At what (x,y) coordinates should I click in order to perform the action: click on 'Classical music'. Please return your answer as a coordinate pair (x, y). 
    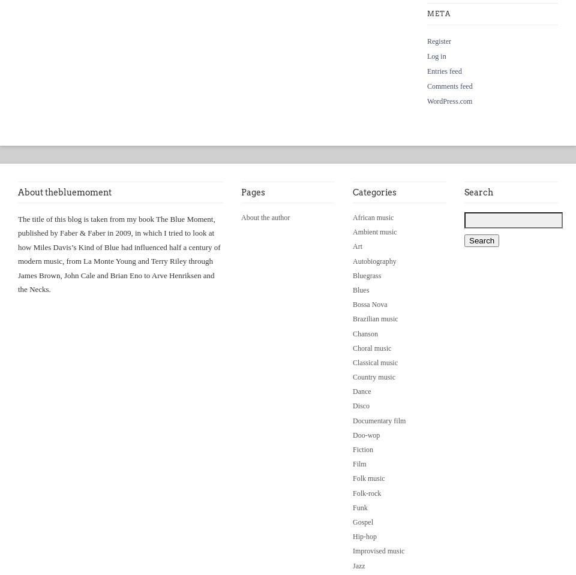
    Looking at the image, I should click on (374, 361).